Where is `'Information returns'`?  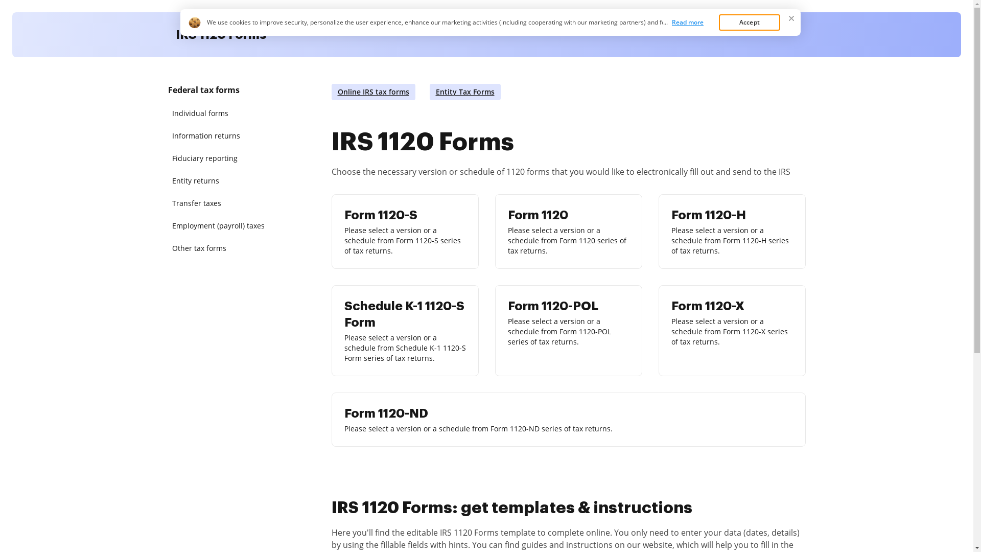 'Information returns' is located at coordinates (220, 135).